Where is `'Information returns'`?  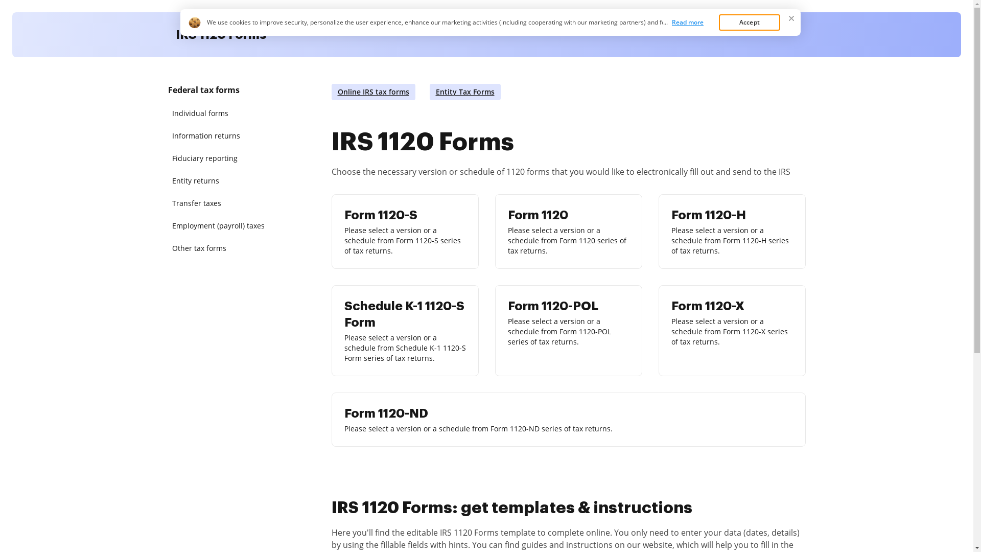 'Information returns' is located at coordinates (220, 135).